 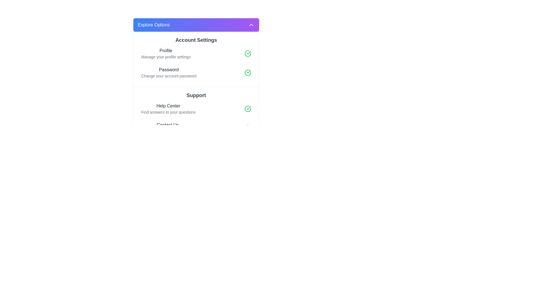 What do you see at coordinates (168, 109) in the screenshot?
I see `the 'Help Center' text block, which is the first item under the 'Support' heading in the menu` at bounding box center [168, 109].